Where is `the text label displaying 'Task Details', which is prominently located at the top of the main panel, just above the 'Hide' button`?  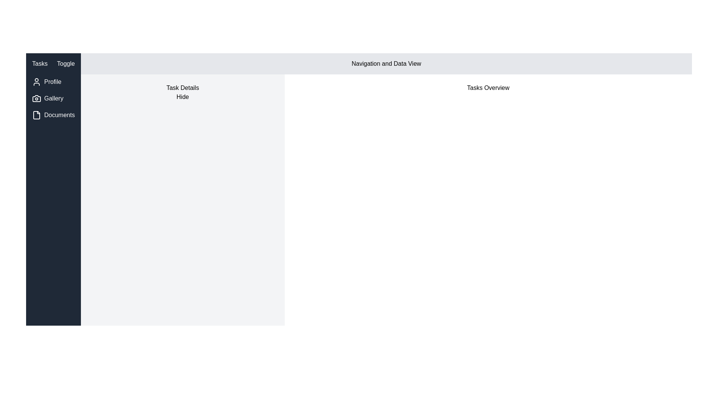
the text label displaying 'Task Details', which is prominently located at the top of the main panel, just above the 'Hide' button is located at coordinates (183, 87).